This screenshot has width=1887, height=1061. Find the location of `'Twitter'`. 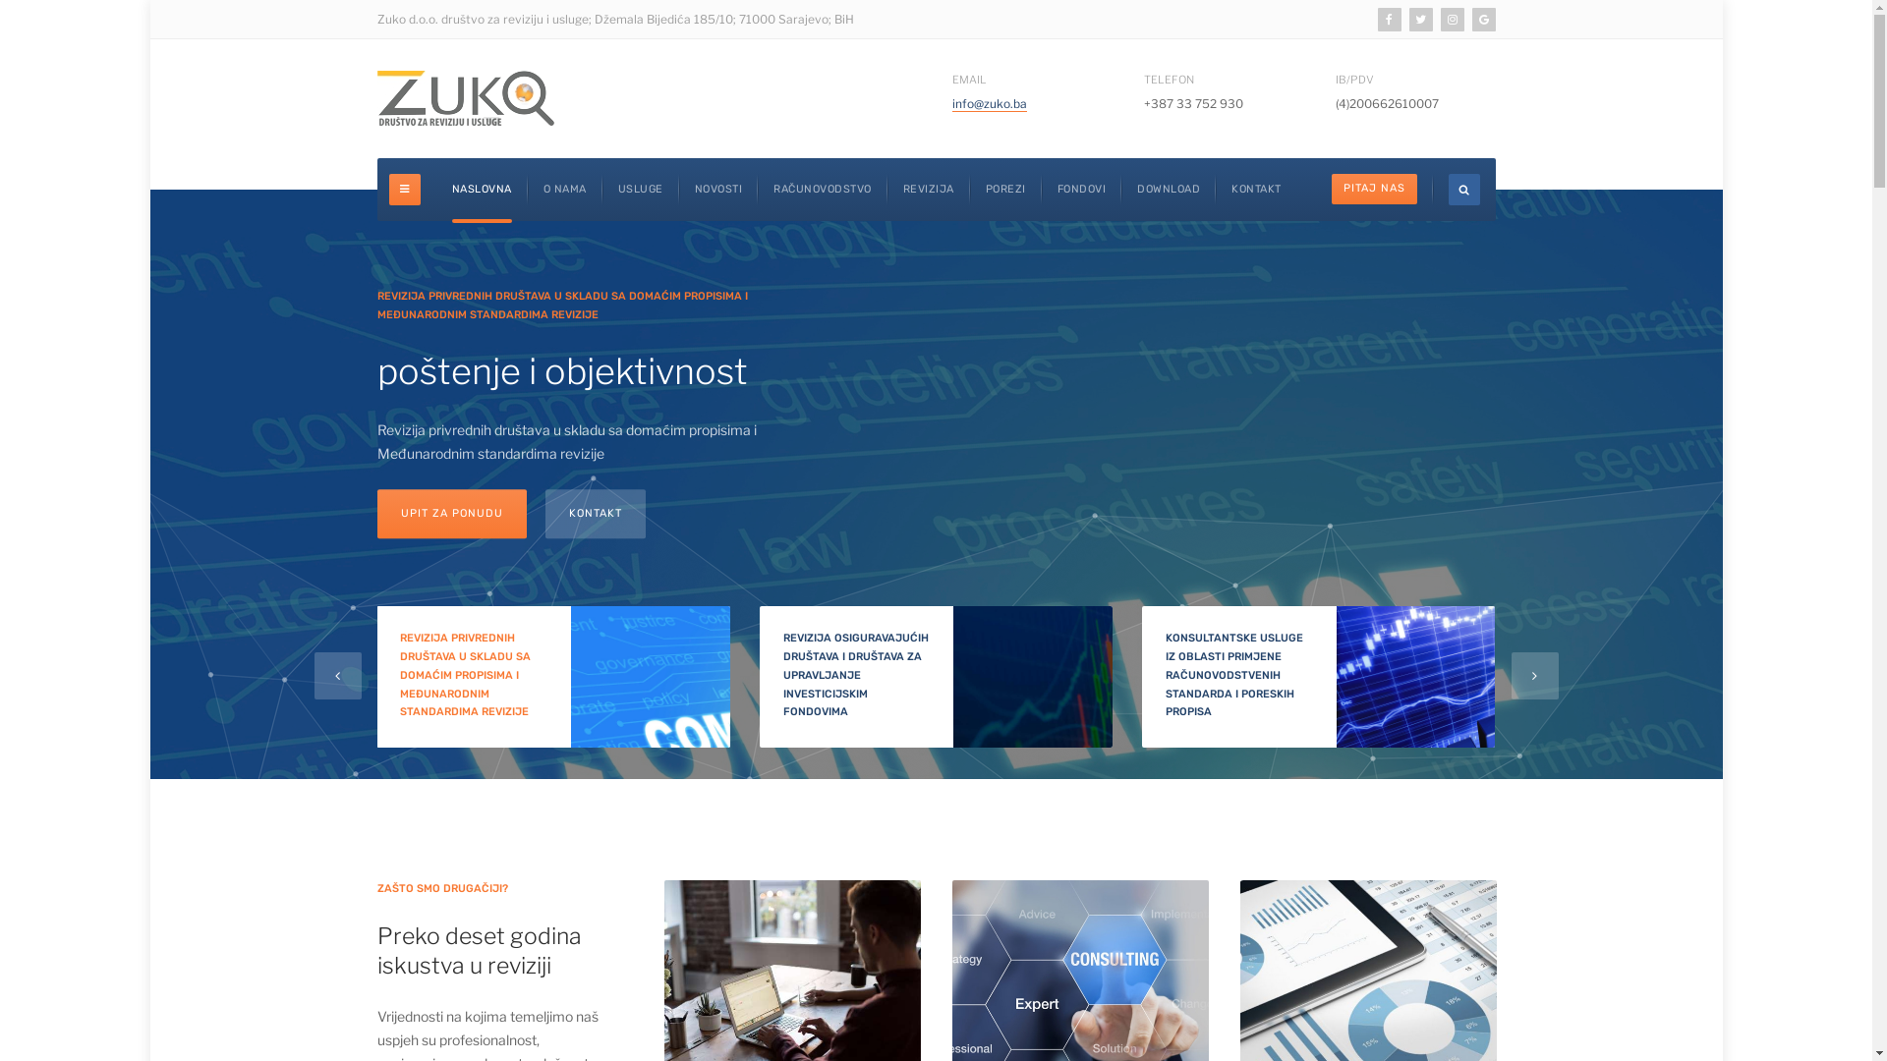

'Twitter' is located at coordinates (1420, 19).